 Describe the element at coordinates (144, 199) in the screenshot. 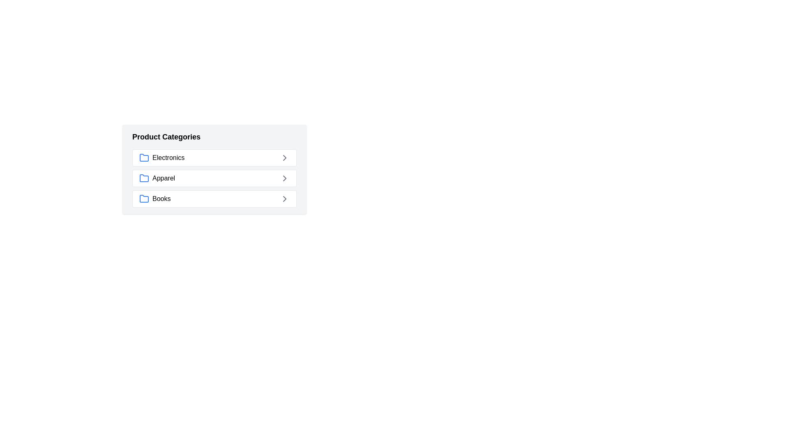

I see `the 'Books' category icon located in the third position of the 'Product Categories' list, which visually represents a folder` at that location.